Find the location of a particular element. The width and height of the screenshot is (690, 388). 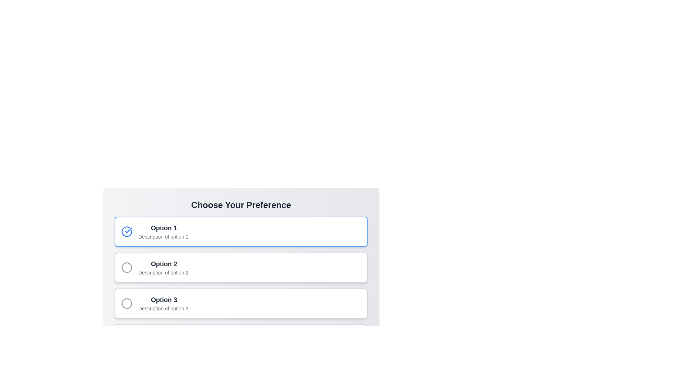

the text label displaying 'Option 2', which is bold and larger than surrounding text, located beneath the heading 'Choose Your Preference' and between 'Option 1' and 'Option 3' is located at coordinates (164, 264).